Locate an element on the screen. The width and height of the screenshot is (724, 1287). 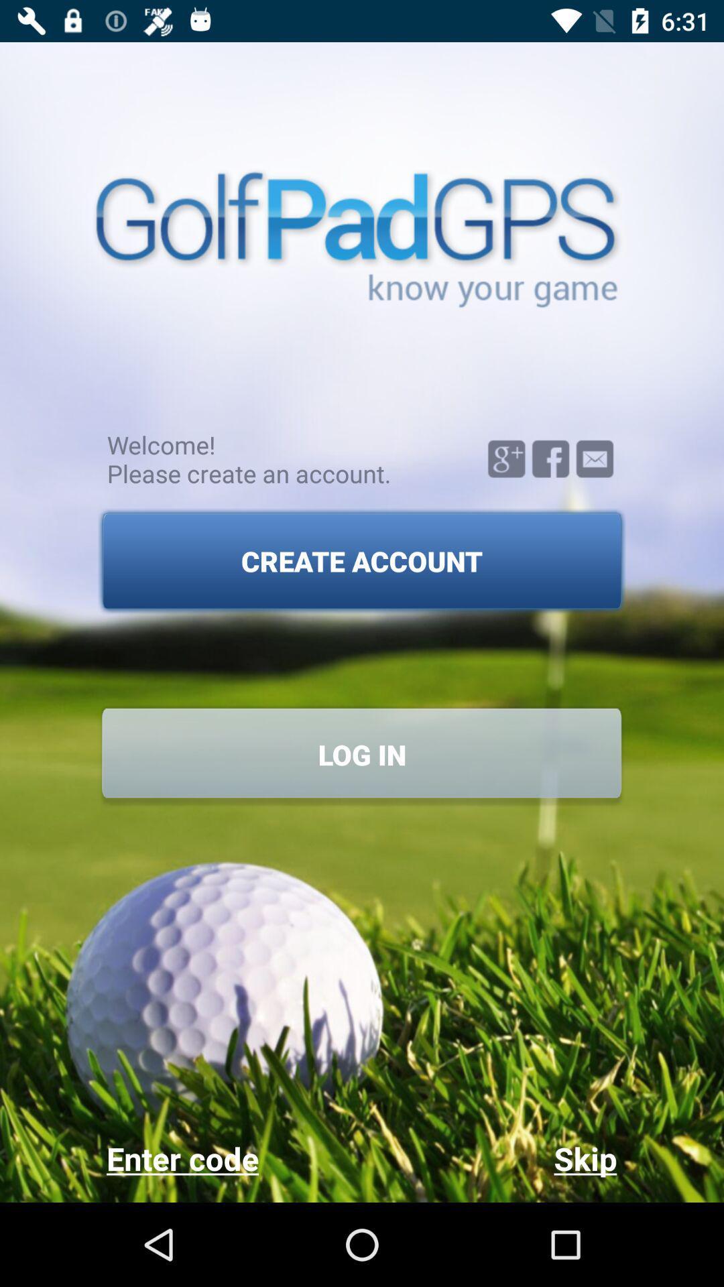
the item to the left of the skip item is located at coordinates (233, 1158).